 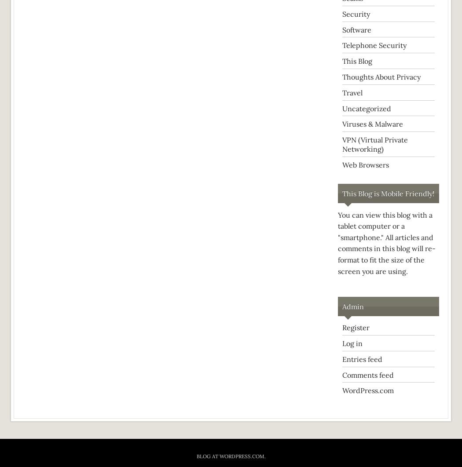 What do you see at coordinates (373, 123) in the screenshot?
I see `'Viruses & Malware'` at bounding box center [373, 123].